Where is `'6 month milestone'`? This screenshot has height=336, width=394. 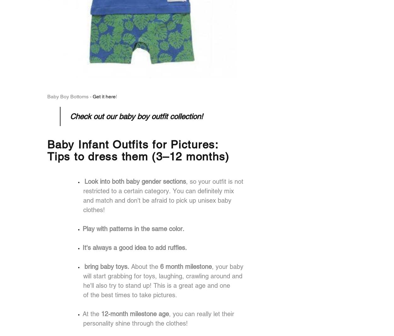 '6 month milestone' is located at coordinates (186, 266).